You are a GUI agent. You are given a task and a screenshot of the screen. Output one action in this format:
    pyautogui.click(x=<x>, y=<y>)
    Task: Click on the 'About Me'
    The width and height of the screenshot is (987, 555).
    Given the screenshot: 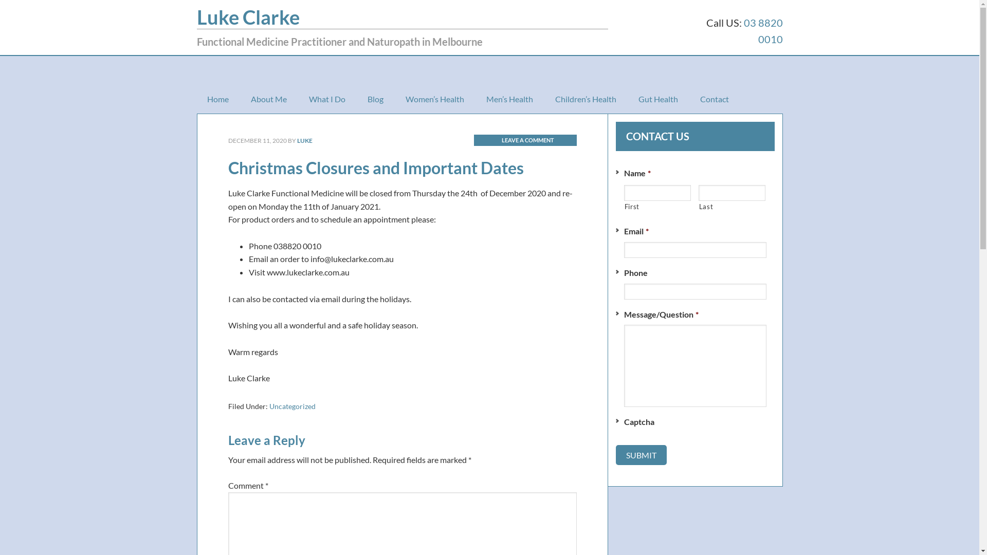 What is the action you would take?
    pyautogui.click(x=269, y=99)
    